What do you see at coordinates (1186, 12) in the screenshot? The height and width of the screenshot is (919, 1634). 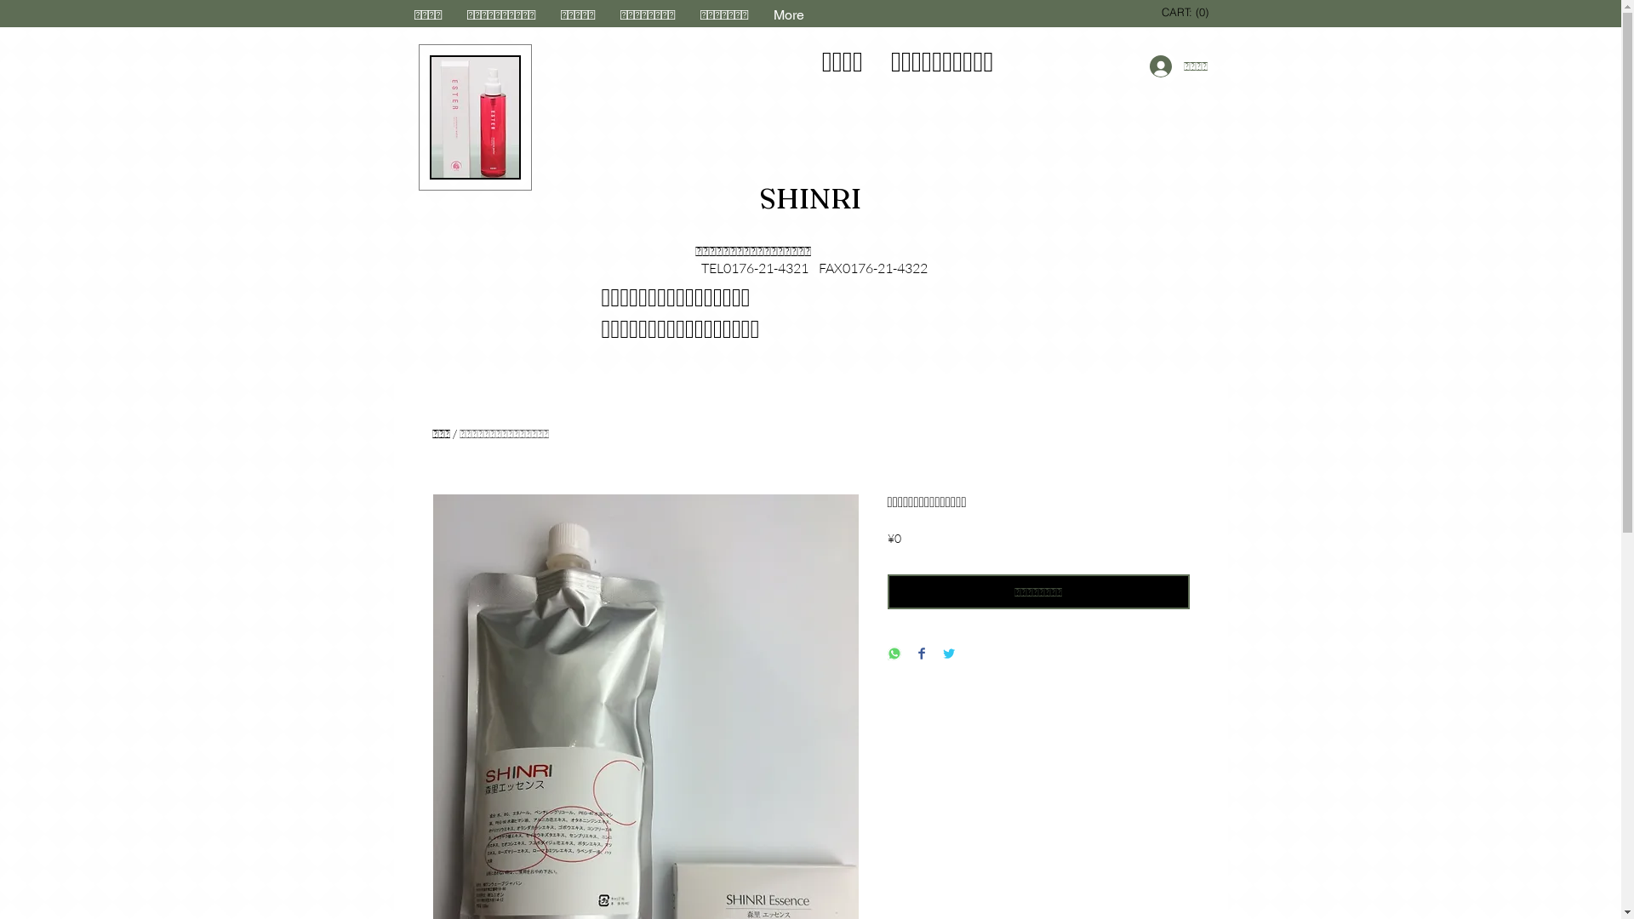 I see `'CART: (0)'` at bounding box center [1186, 12].